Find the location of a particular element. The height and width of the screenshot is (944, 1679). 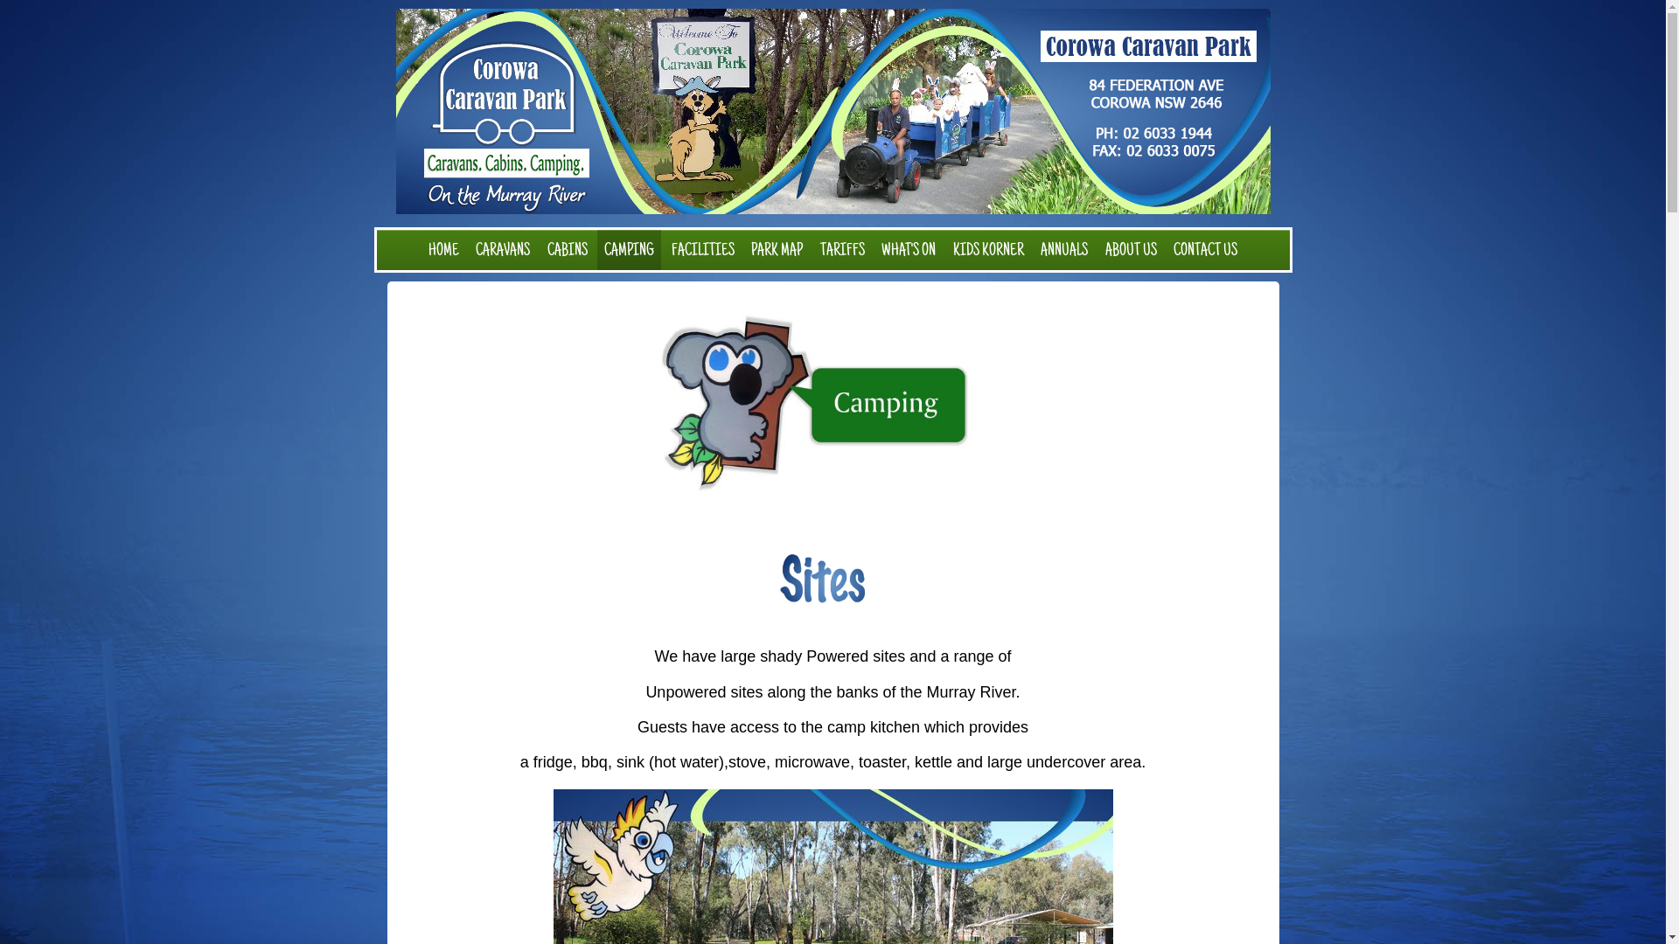

'FACILITIES' is located at coordinates (702, 250).